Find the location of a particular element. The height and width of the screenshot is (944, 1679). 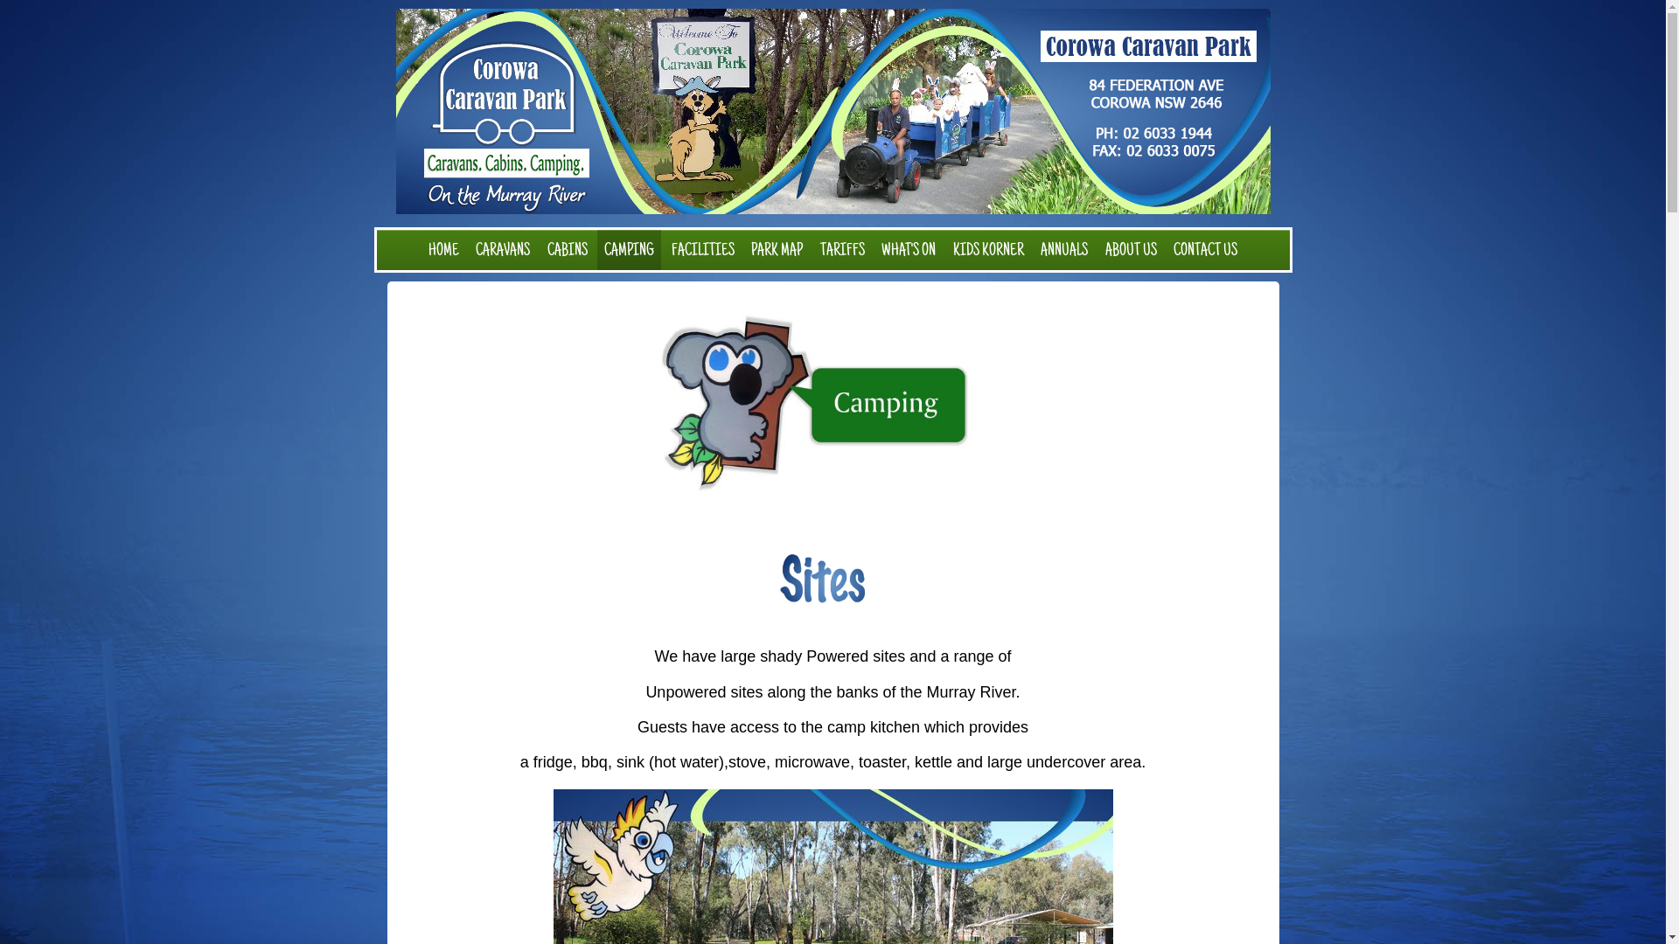

'FACILITIES' is located at coordinates (702, 250).